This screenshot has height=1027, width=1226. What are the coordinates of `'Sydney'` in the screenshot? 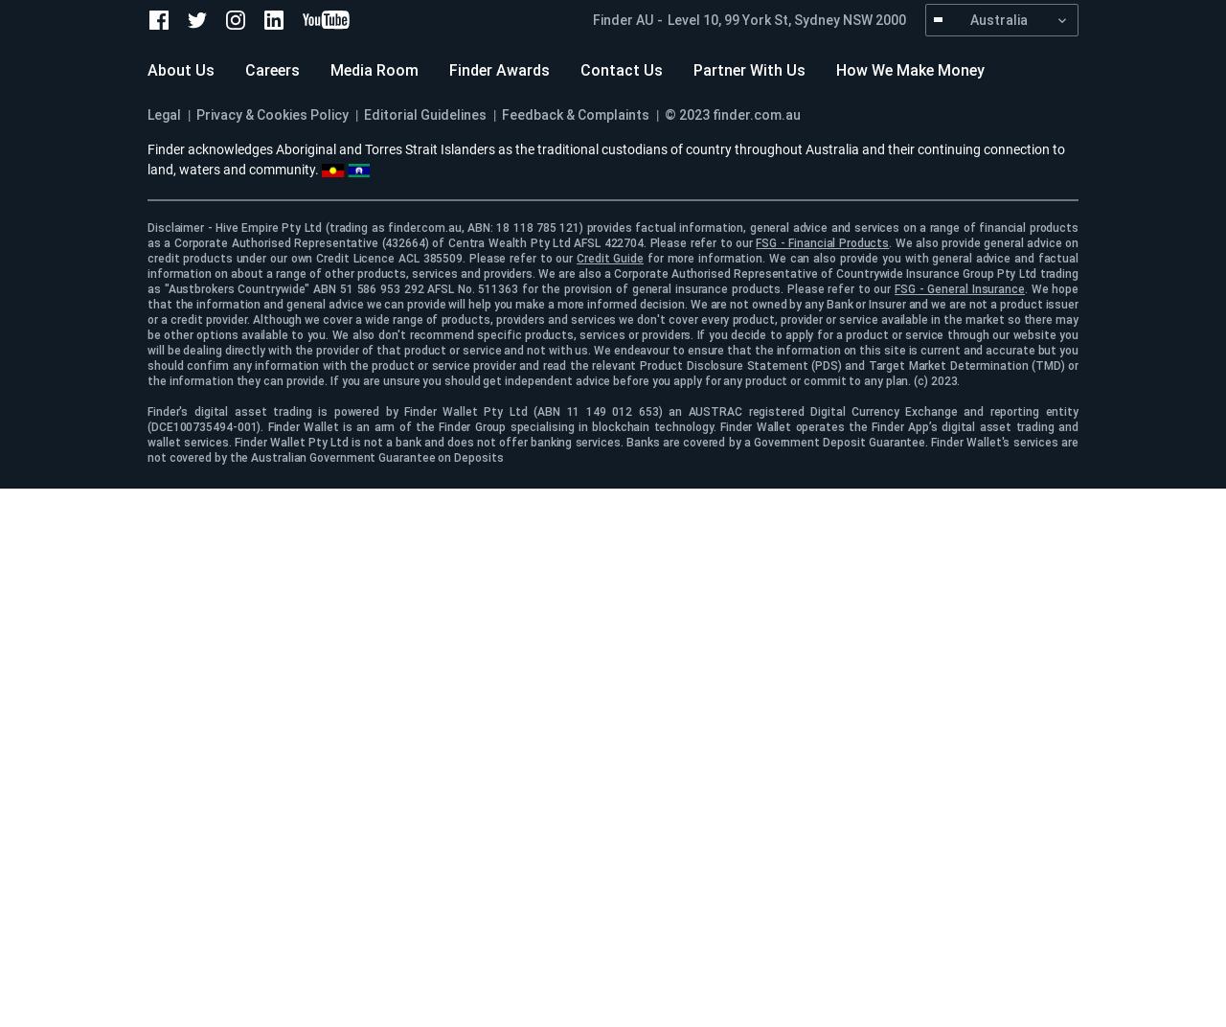 It's located at (816, 18).